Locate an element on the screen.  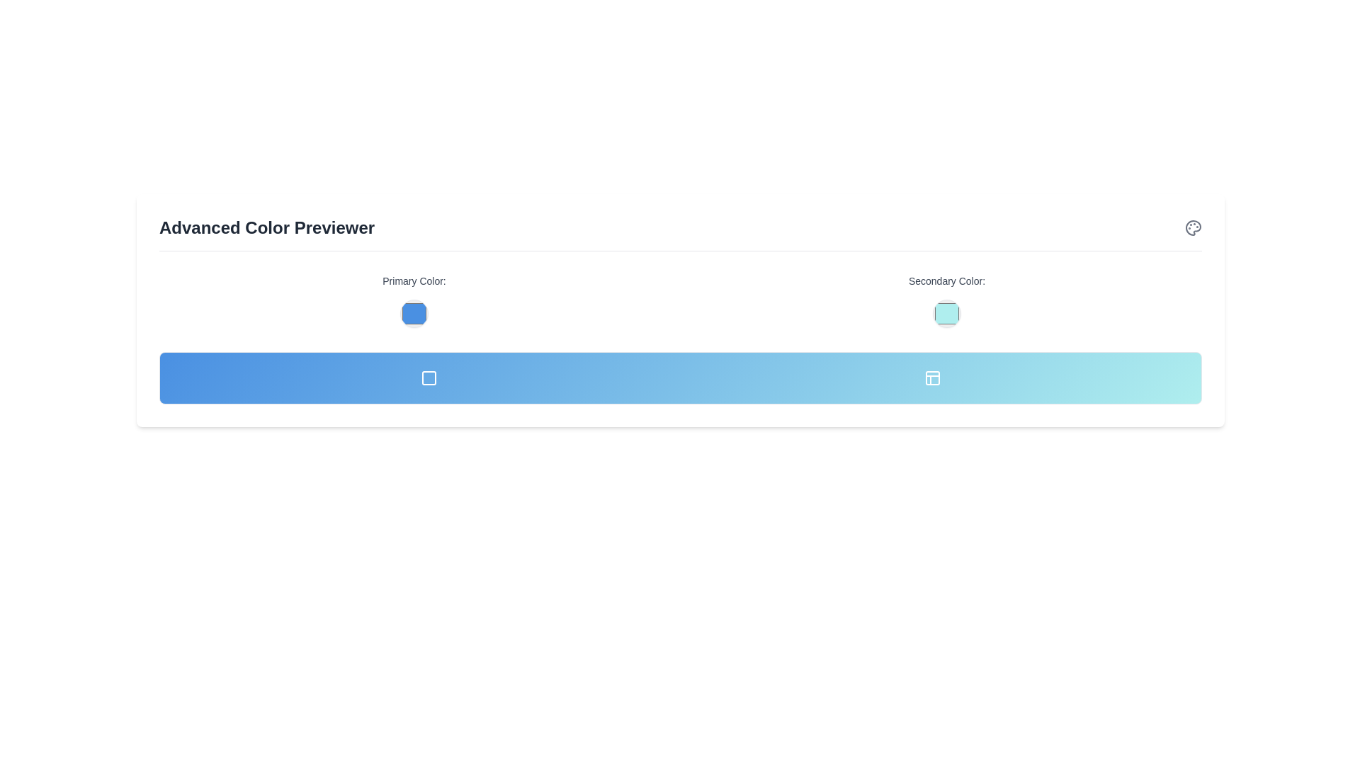
the second icon from the right in the bottom horizontal arrangement of icons is located at coordinates (932, 377).